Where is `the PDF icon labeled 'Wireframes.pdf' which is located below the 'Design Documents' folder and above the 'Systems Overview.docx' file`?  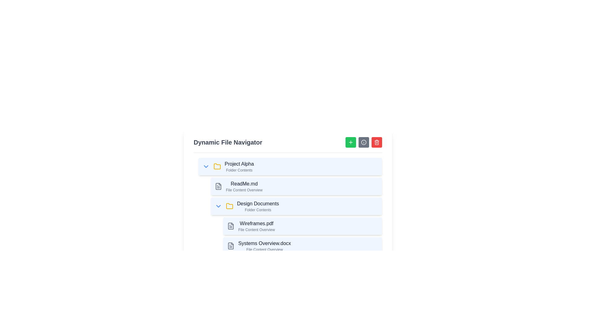
the PDF icon labeled 'Wireframes.pdf' which is located below the 'Design Documents' folder and above the 'Systems Overview.docx' file is located at coordinates (230, 226).